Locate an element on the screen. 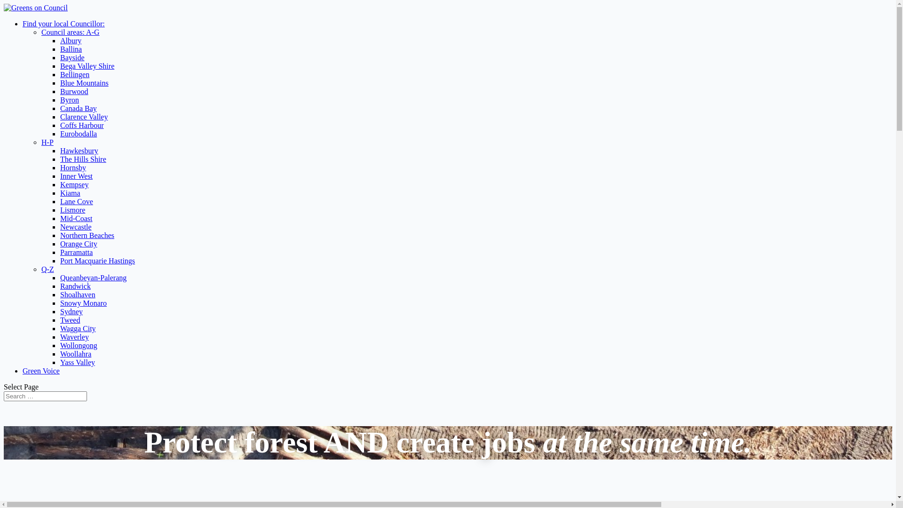 Image resolution: width=903 pixels, height=508 pixels. 'Inner West' is located at coordinates (76, 176).